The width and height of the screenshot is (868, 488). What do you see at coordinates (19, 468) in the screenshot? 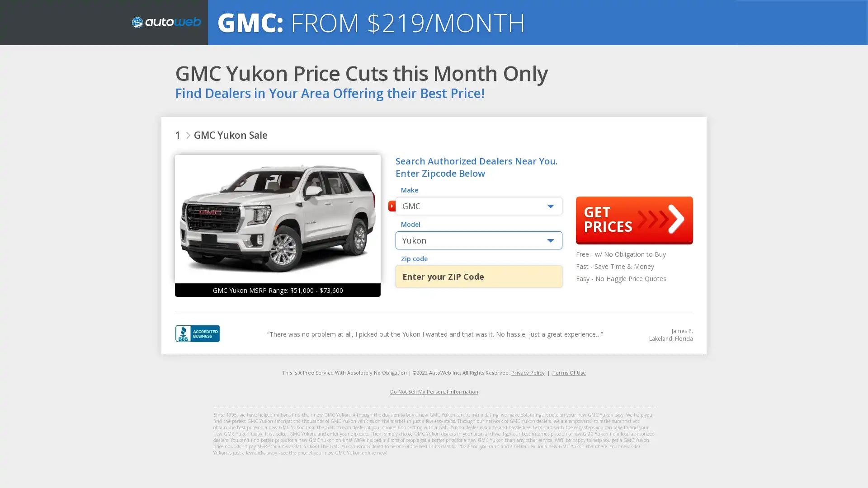
I see `Open accessibility options, statement and help` at bounding box center [19, 468].